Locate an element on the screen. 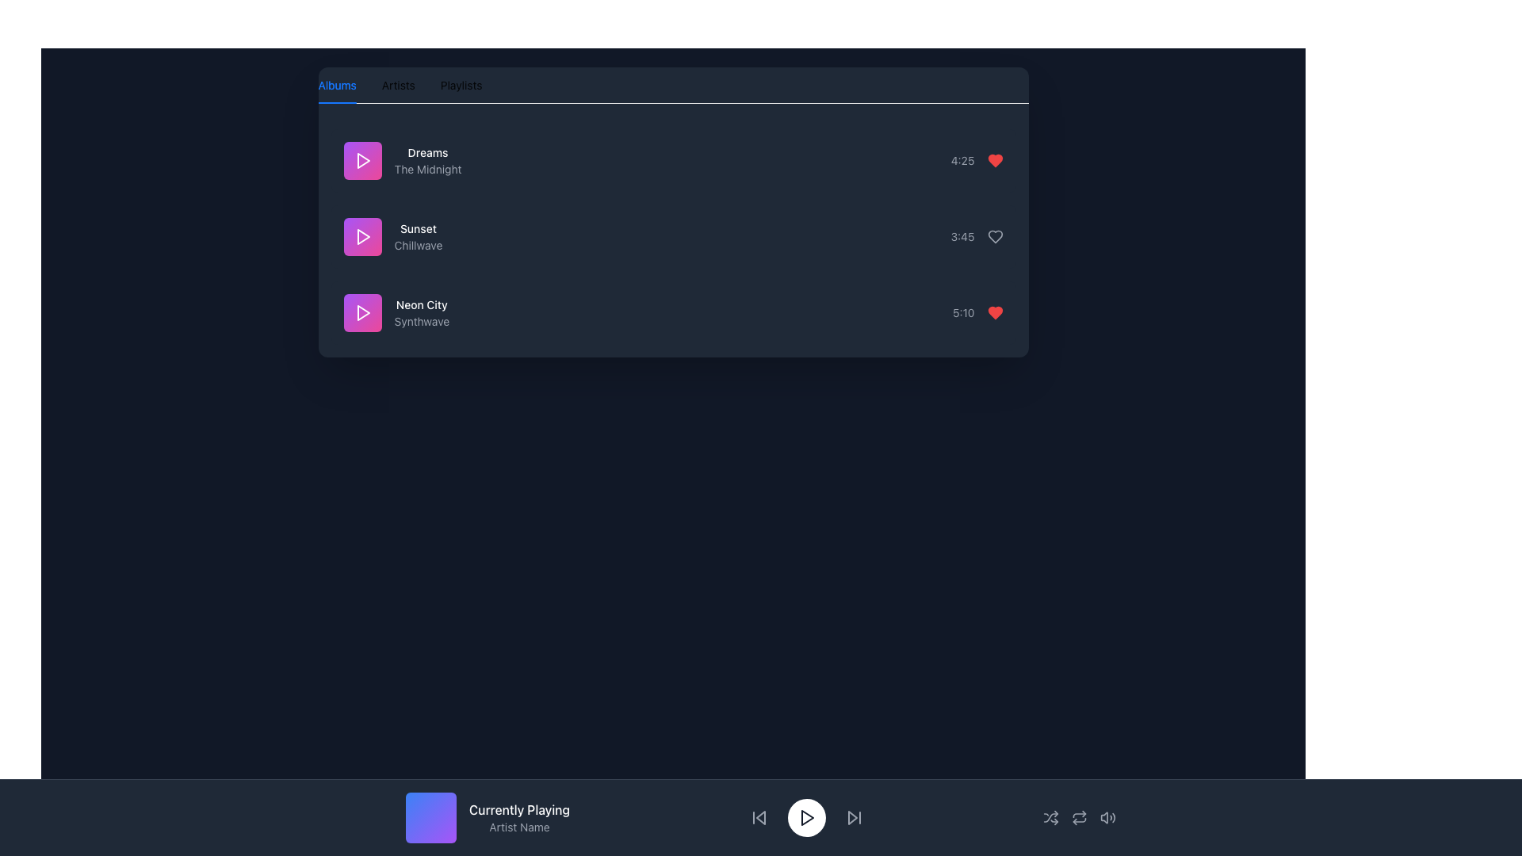  the text label displaying the song title 'Dreams' in the music list, which is positioned above the subtitle 'The Midnight' is located at coordinates (428, 152).